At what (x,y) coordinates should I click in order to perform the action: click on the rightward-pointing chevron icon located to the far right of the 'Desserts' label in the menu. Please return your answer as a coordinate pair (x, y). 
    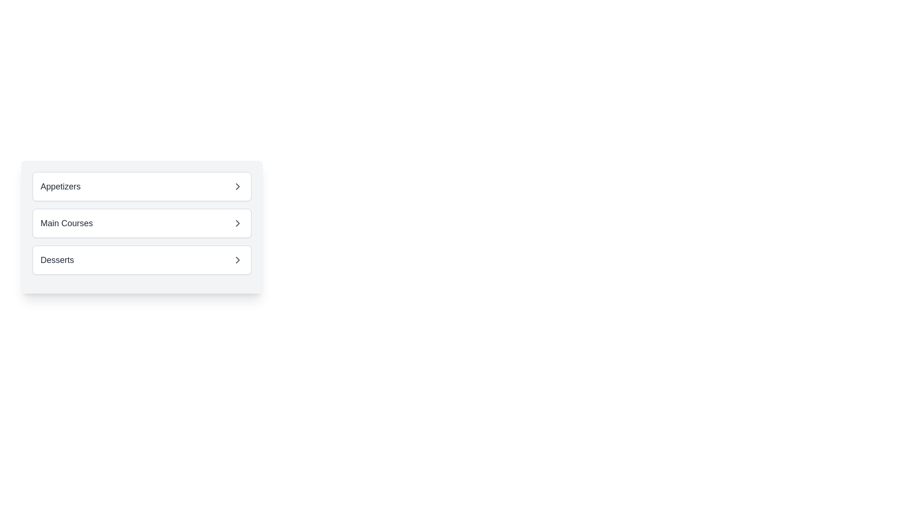
    Looking at the image, I should click on (238, 260).